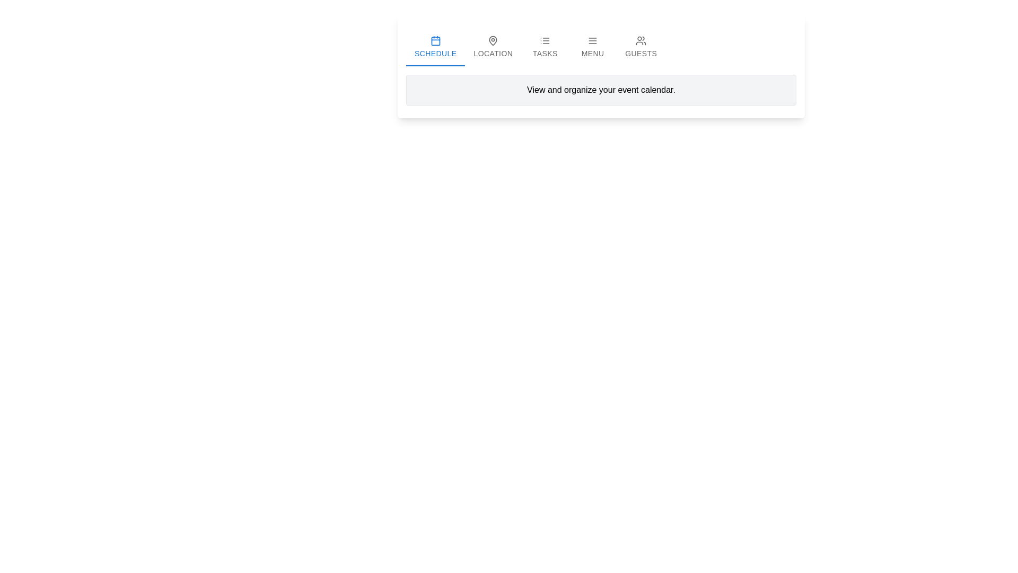 This screenshot has height=573, width=1018. Describe the element at coordinates (545, 46) in the screenshot. I see `the third tab in the horizontal tab bar` at that location.